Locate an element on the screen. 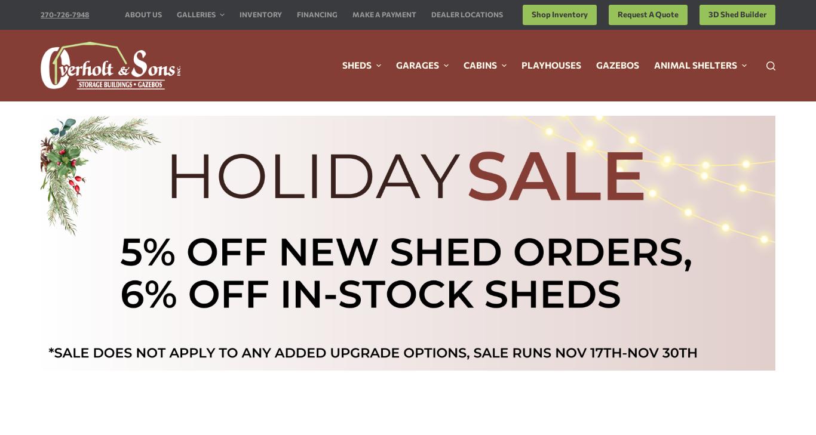  'sales lots' is located at coordinates (489, 187).